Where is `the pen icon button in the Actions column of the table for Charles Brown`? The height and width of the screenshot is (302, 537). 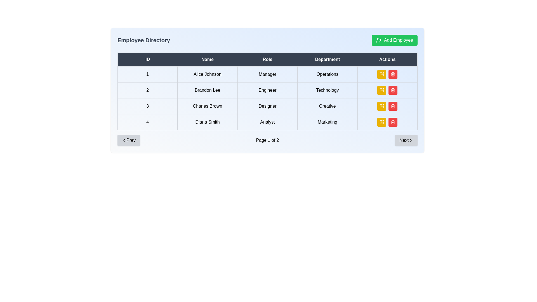 the pen icon button in the Actions column of the table for Charles Brown is located at coordinates (382, 106).